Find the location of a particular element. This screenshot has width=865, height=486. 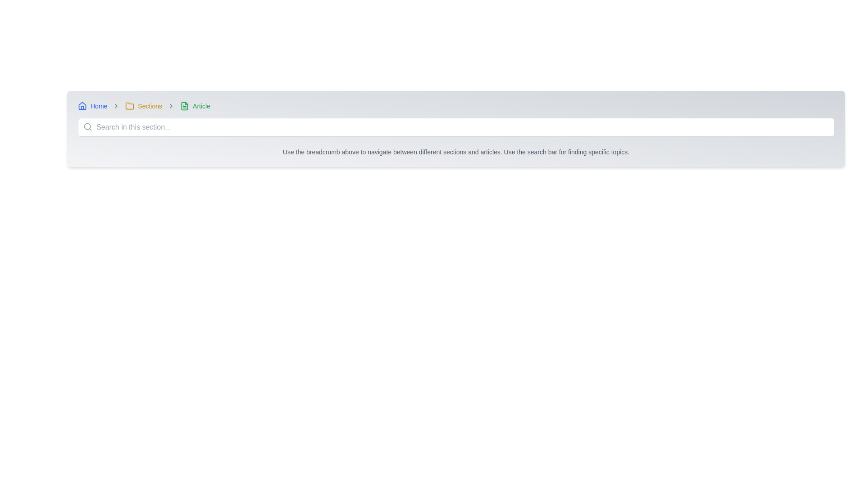

the green file icon located in the breadcrumb navigation bar, positioned to the left of the 'Article' text label is located at coordinates (184, 105).